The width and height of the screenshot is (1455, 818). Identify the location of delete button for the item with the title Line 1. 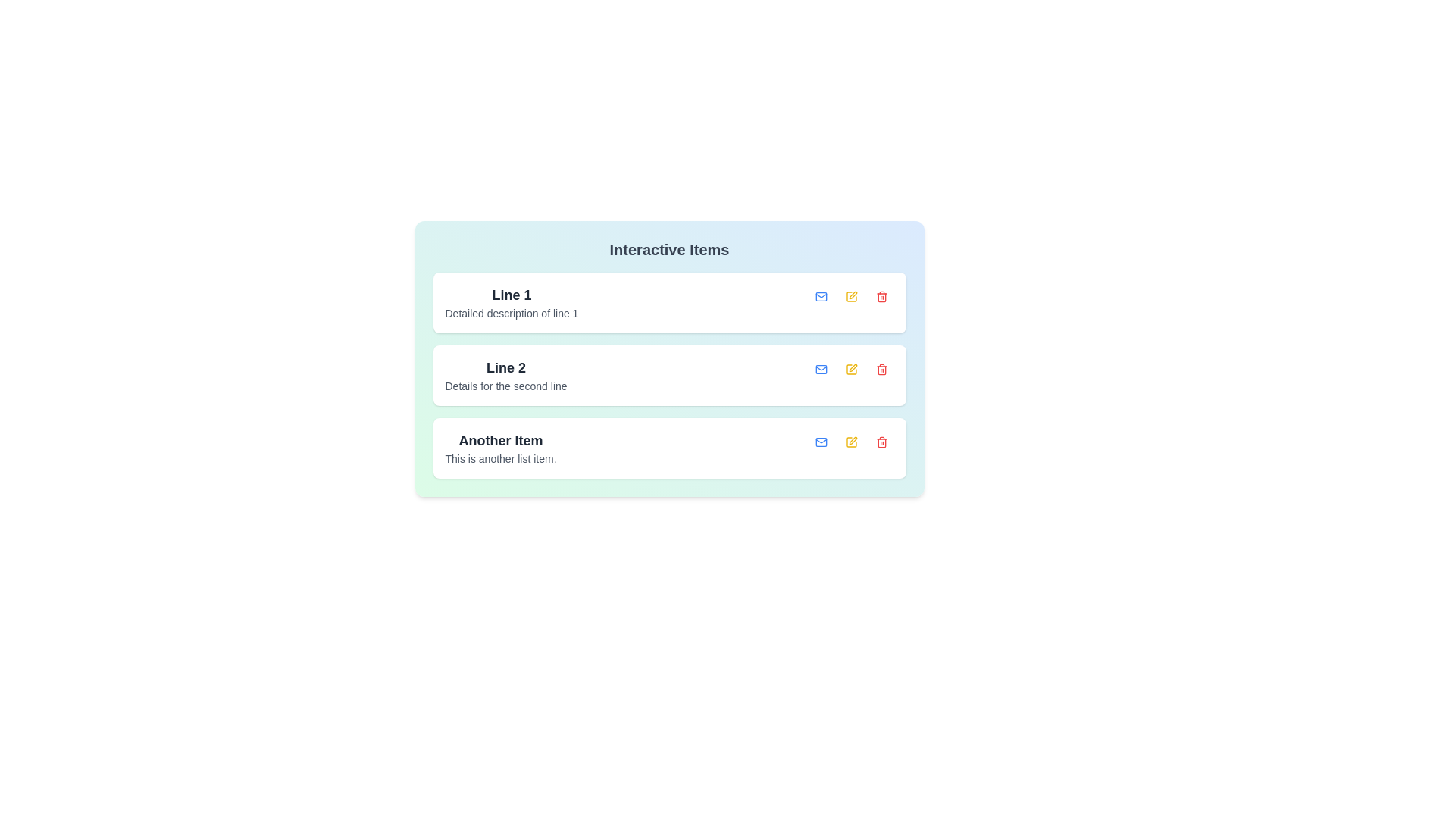
(881, 297).